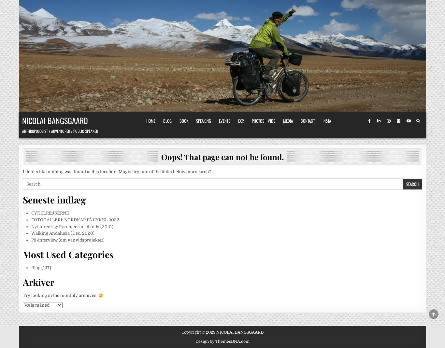  I want to click on 'Nyt foredrag: Pyrenæerne til fods (2021)', so click(31, 226).